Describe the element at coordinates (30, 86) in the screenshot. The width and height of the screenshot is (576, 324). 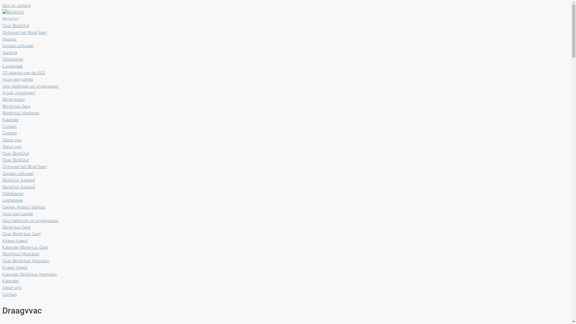
I see `'Voor bedrijven en organisaties'` at that location.